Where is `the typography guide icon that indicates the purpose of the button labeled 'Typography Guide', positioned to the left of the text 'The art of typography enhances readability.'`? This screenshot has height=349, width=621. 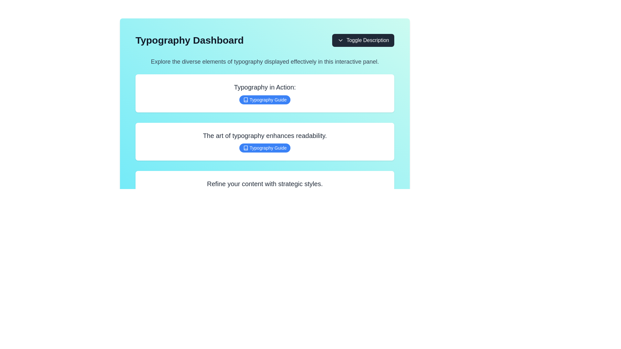
the typography guide icon that indicates the purpose of the button labeled 'Typography Guide', positioned to the left of the text 'The art of typography enhances readability.' is located at coordinates (245, 148).